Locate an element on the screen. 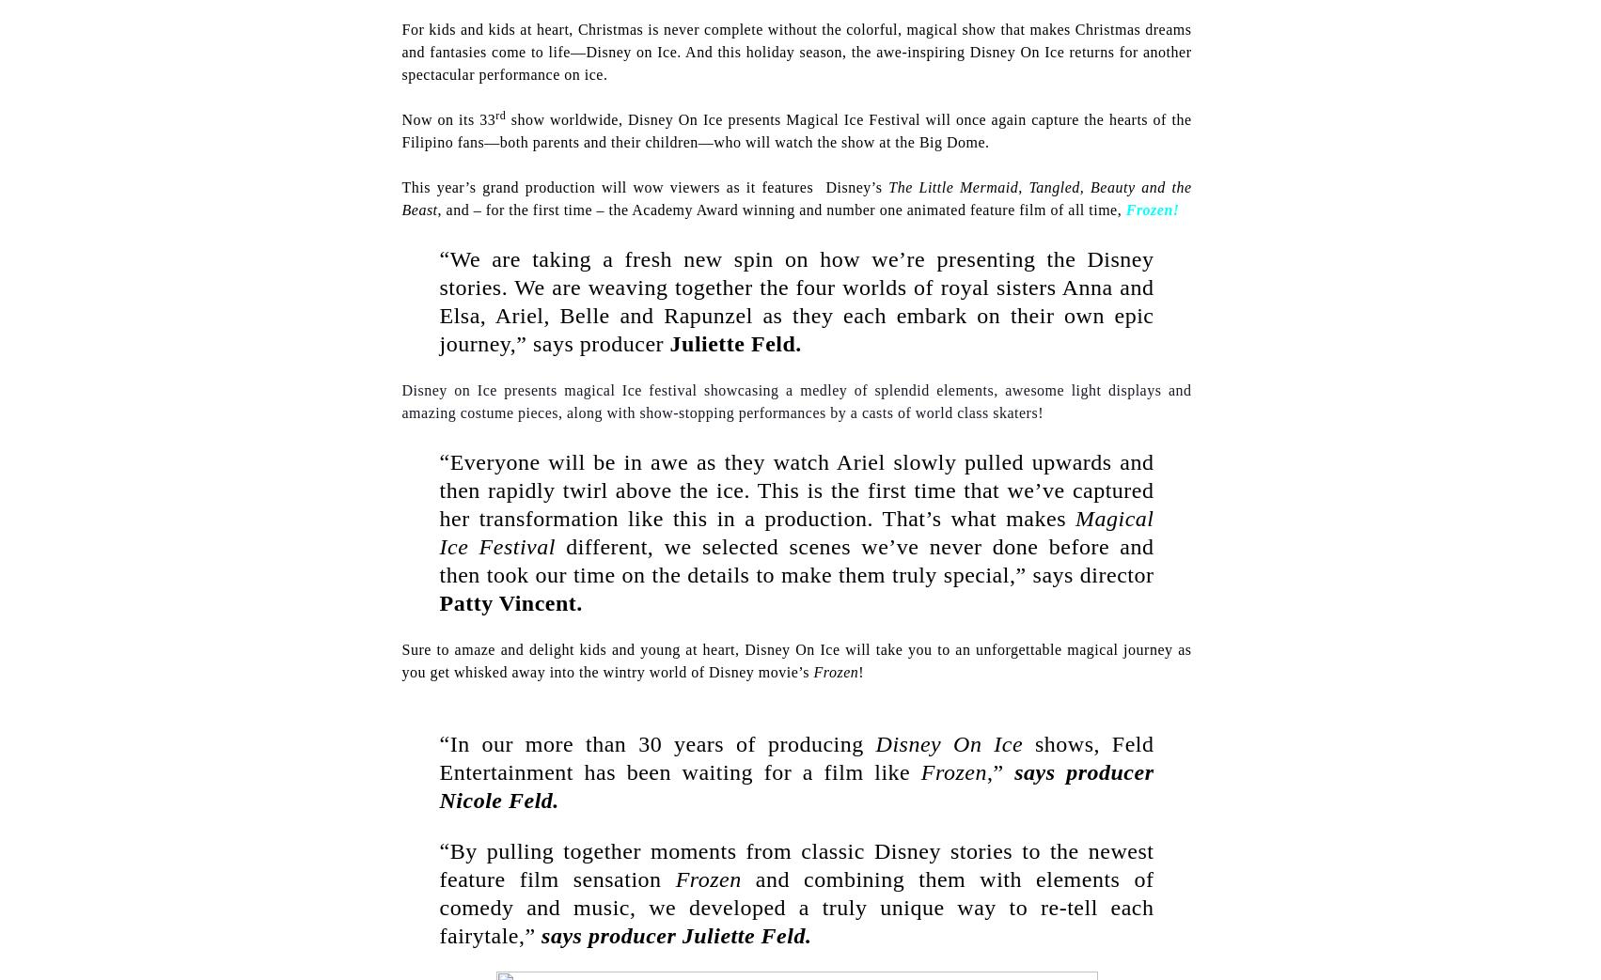 This screenshot has height=980, width=1601. 'Sure to amaze and delight kids and young at heart, Disney On Ice will take you to an unforgettable magical journey as you get whisked away into the wintry world of Disney movie’s' is located at coordinates (796, 661).